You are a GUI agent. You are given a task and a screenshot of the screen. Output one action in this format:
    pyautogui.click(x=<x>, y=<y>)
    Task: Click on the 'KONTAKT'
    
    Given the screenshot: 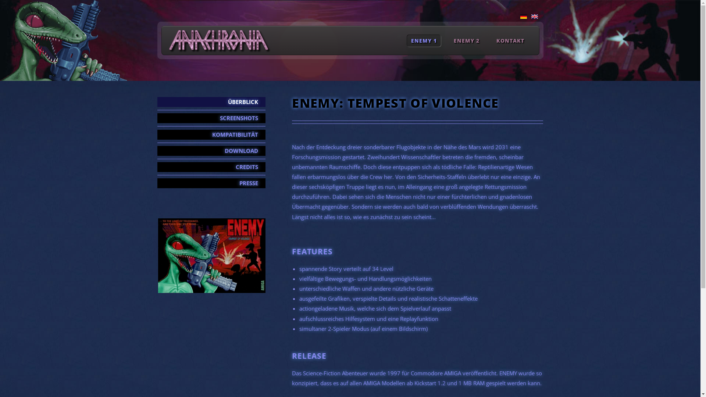 What is the action you would take?
    pyautogui.click(x=510, y=40)
    